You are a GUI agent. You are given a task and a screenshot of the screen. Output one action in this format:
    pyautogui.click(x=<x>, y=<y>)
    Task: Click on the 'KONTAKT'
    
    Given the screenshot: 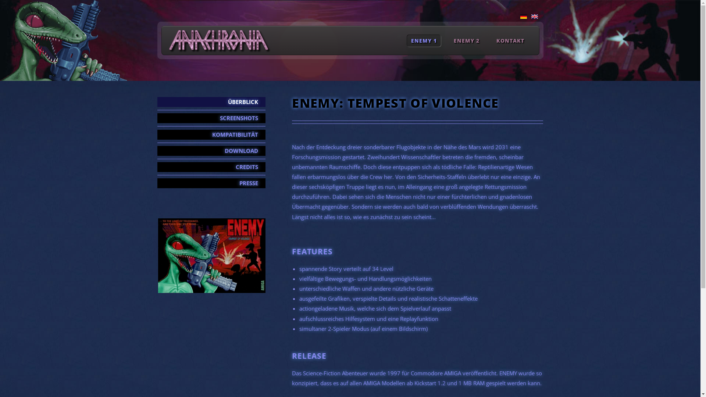 What is the action you would take?
    pyautogui.click(x=510, y=40)
    